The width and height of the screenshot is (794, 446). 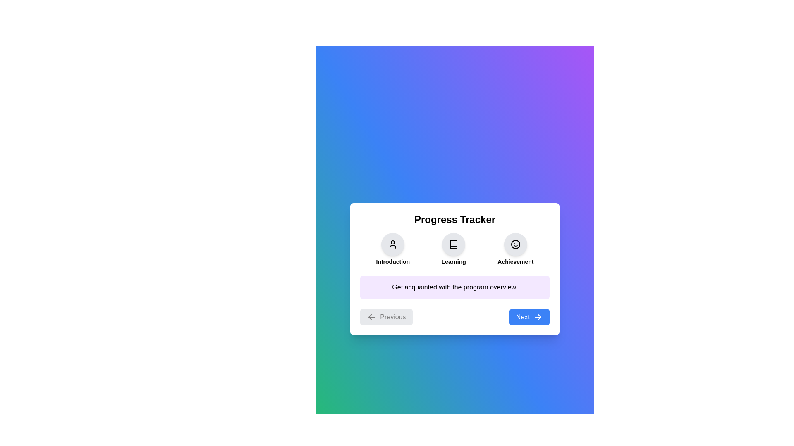 What do you see at coordinates (392, 244) in the screenshot?
I see `the Introduction section icon to view its details` at bounding box center [392, 244].